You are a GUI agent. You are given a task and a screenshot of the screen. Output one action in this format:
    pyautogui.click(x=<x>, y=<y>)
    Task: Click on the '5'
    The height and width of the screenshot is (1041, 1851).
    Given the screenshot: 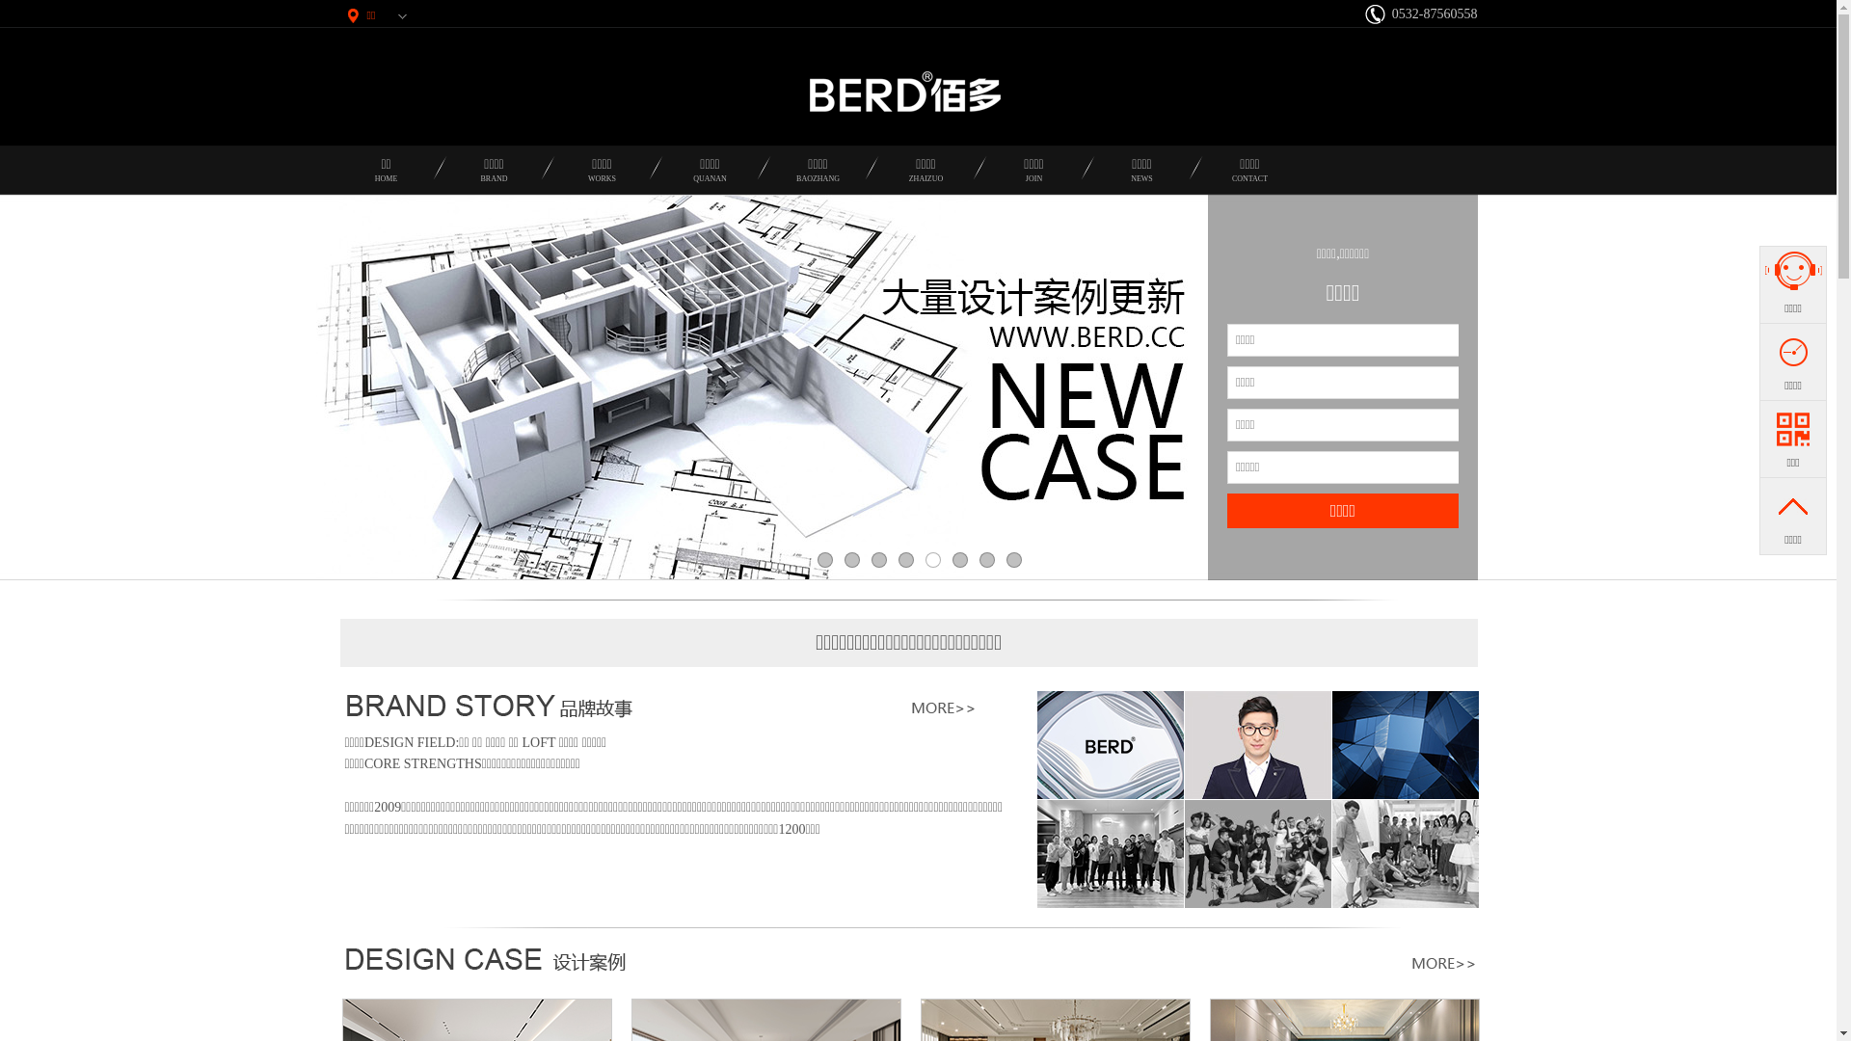 What is the action you would take?
    pyautogui.click(x=933, y=560)
    